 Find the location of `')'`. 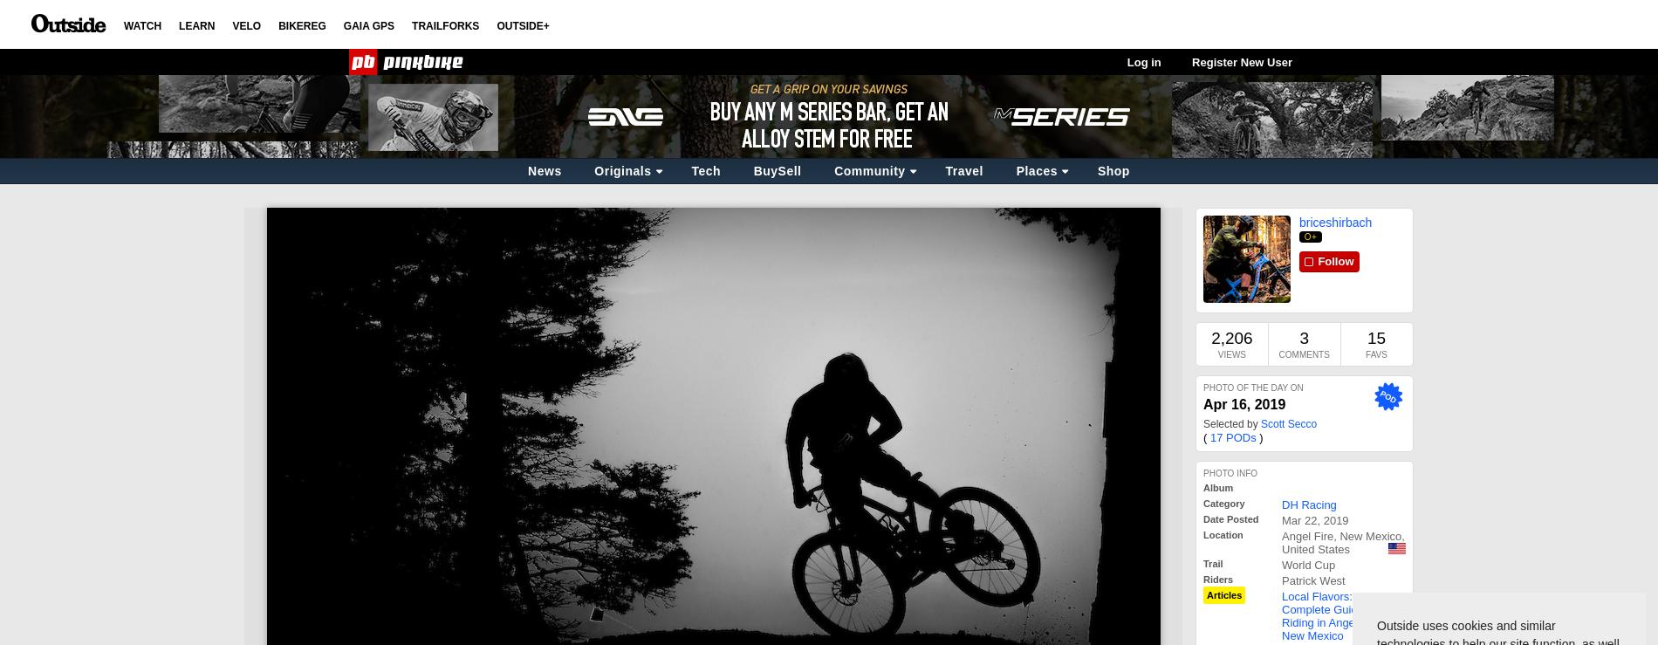

')' is located at coordinates (1259, 436).